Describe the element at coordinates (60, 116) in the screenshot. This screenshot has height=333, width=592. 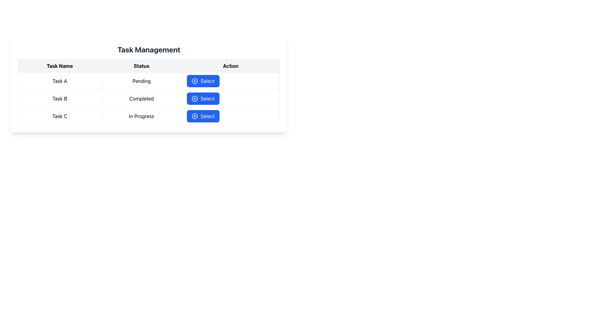
I see `the label displaying the task name in the third row of the 'Task Management' table, located in the first column under the 'Task Name' header` at that location.